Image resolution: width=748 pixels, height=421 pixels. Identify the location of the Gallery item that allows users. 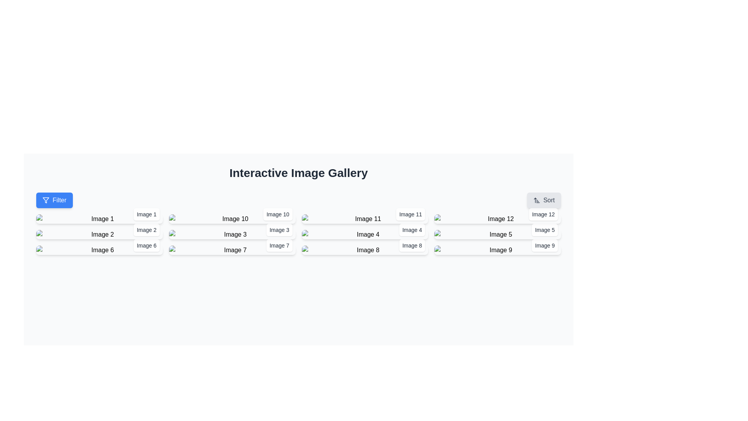
(497, 219).